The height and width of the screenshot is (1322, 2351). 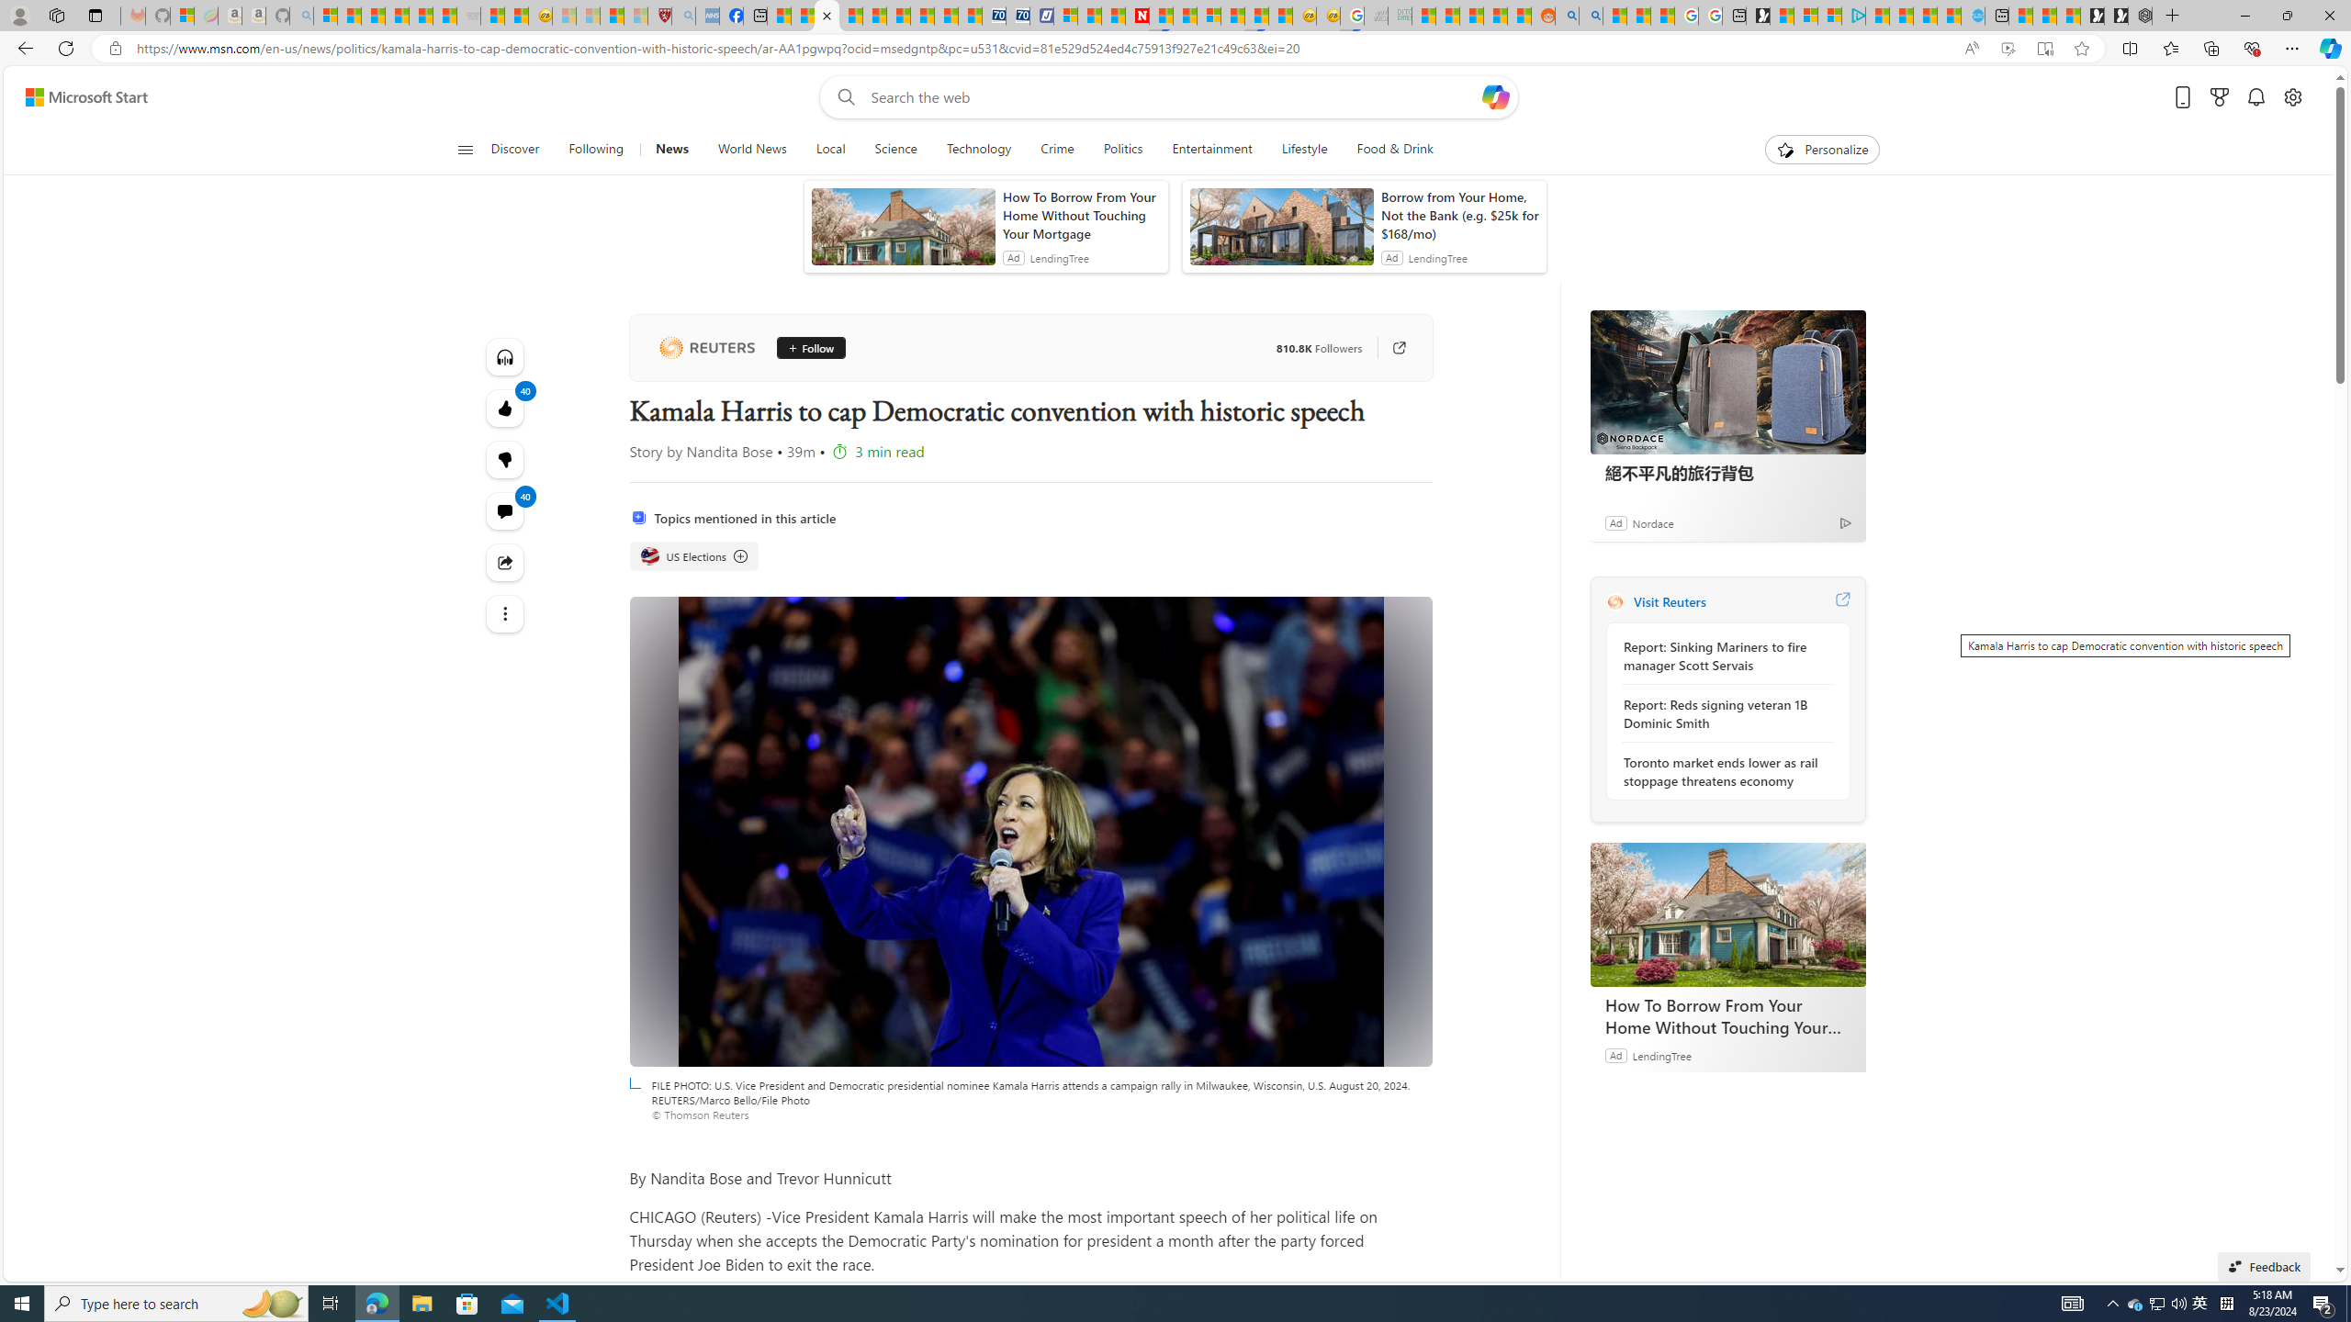 What do you see at coordinates (1303, 149) in the screenshot?
I see `'Lifestyle'` at bounding box center [1303, 149].